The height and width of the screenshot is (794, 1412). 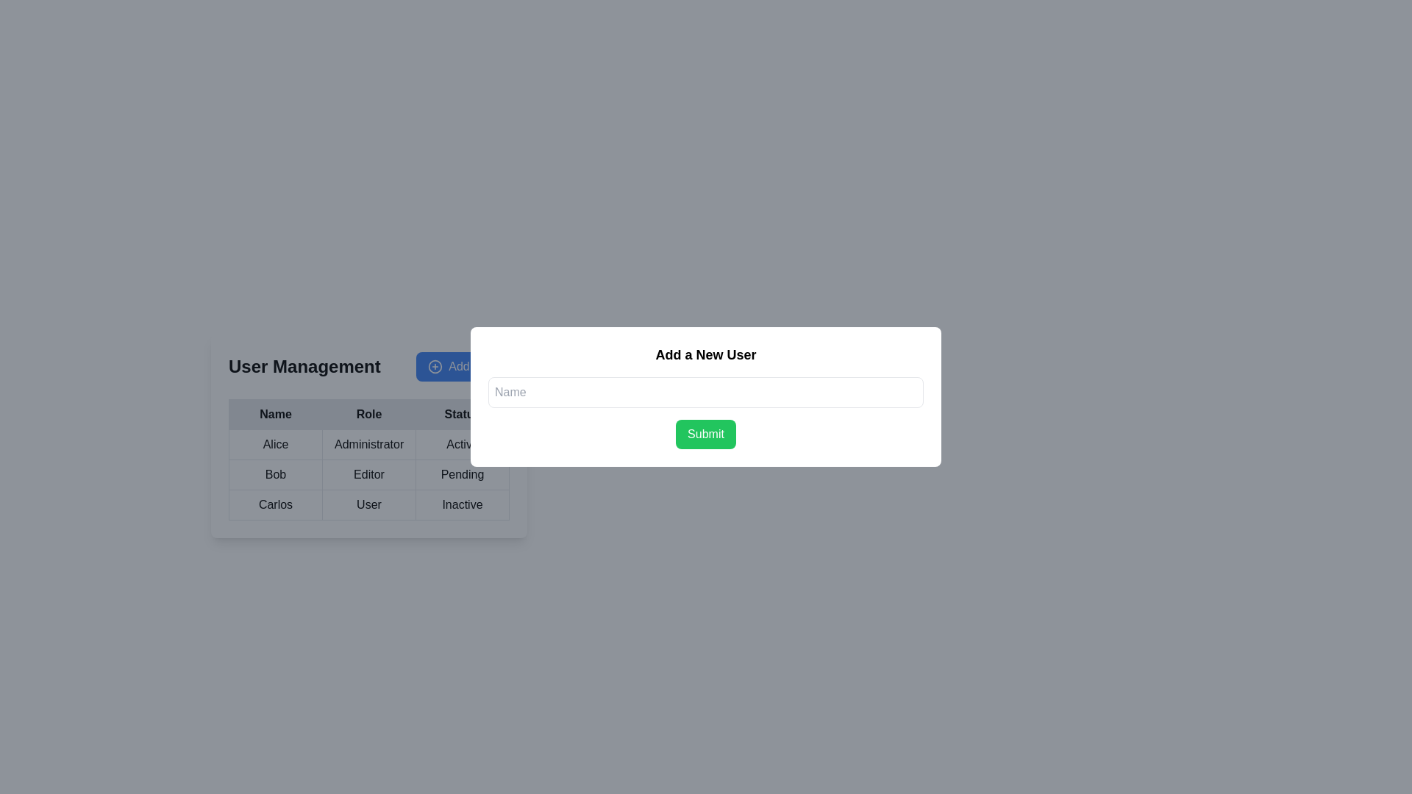 What do you see at coordinates (369, 474) in the screenshot?
I see `the non-interactive text element displaying the role associated with the user named 'Bob' in the second row and second column of the table` at bounding box center [369, 474].